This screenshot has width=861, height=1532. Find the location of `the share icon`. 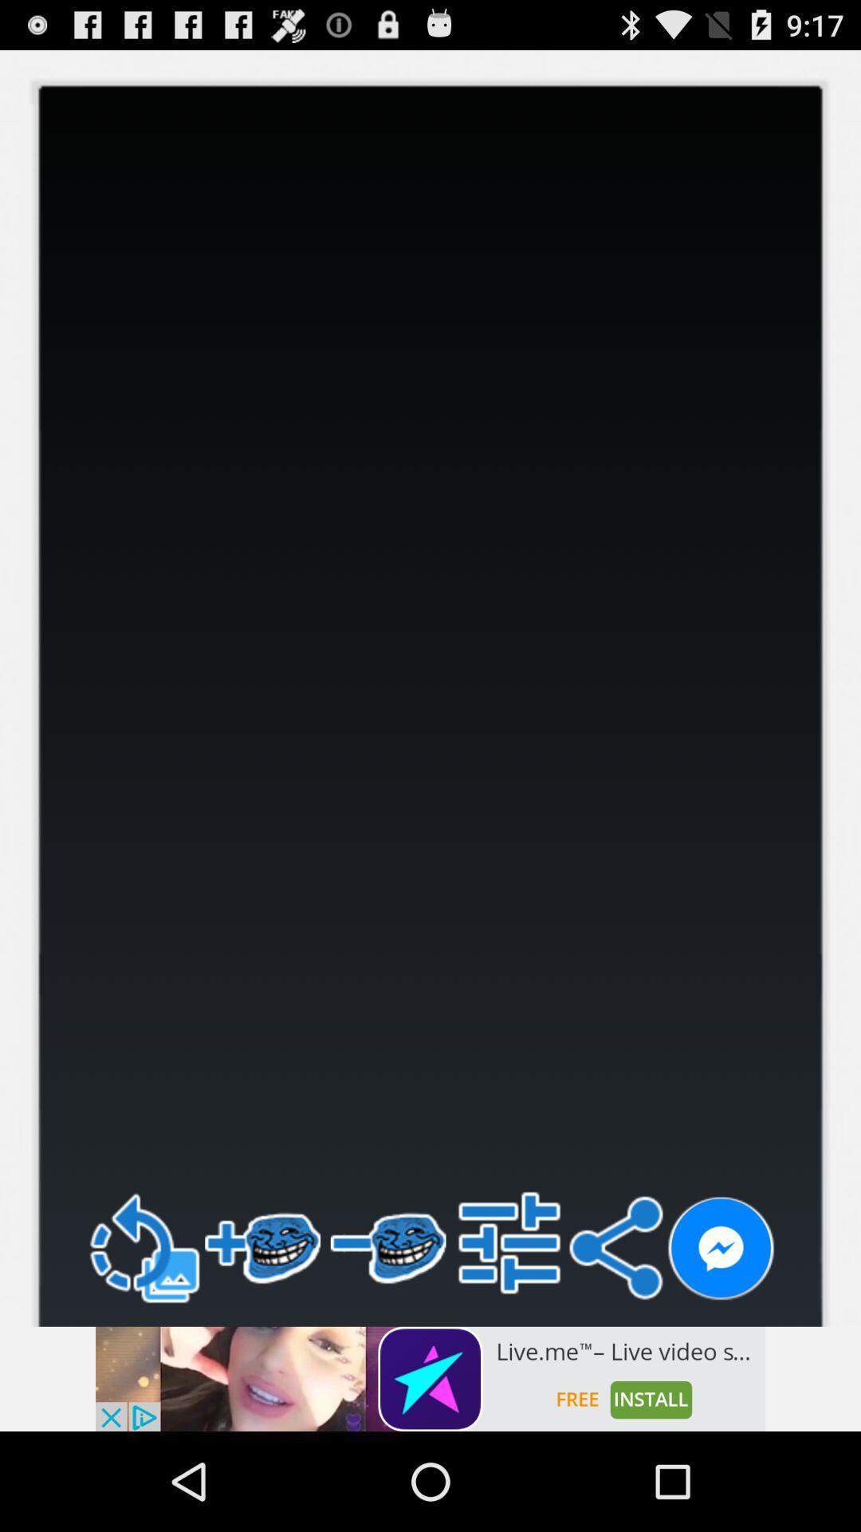

the share icon is located at coordinates (615, 1336).